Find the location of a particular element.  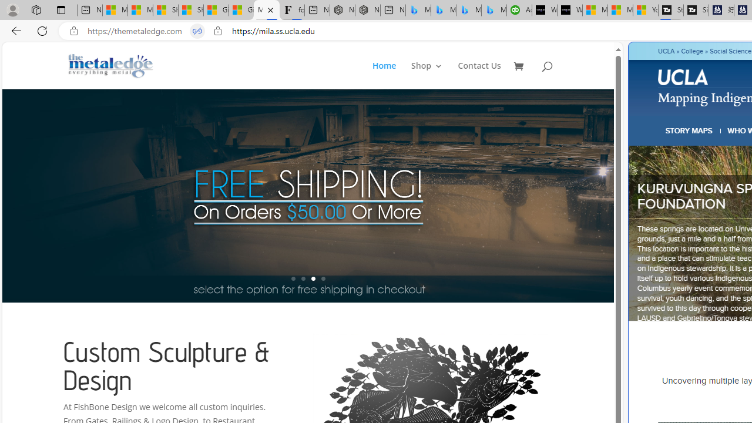

'Microsoft Start Sports' is located at coordinates (595, 10).